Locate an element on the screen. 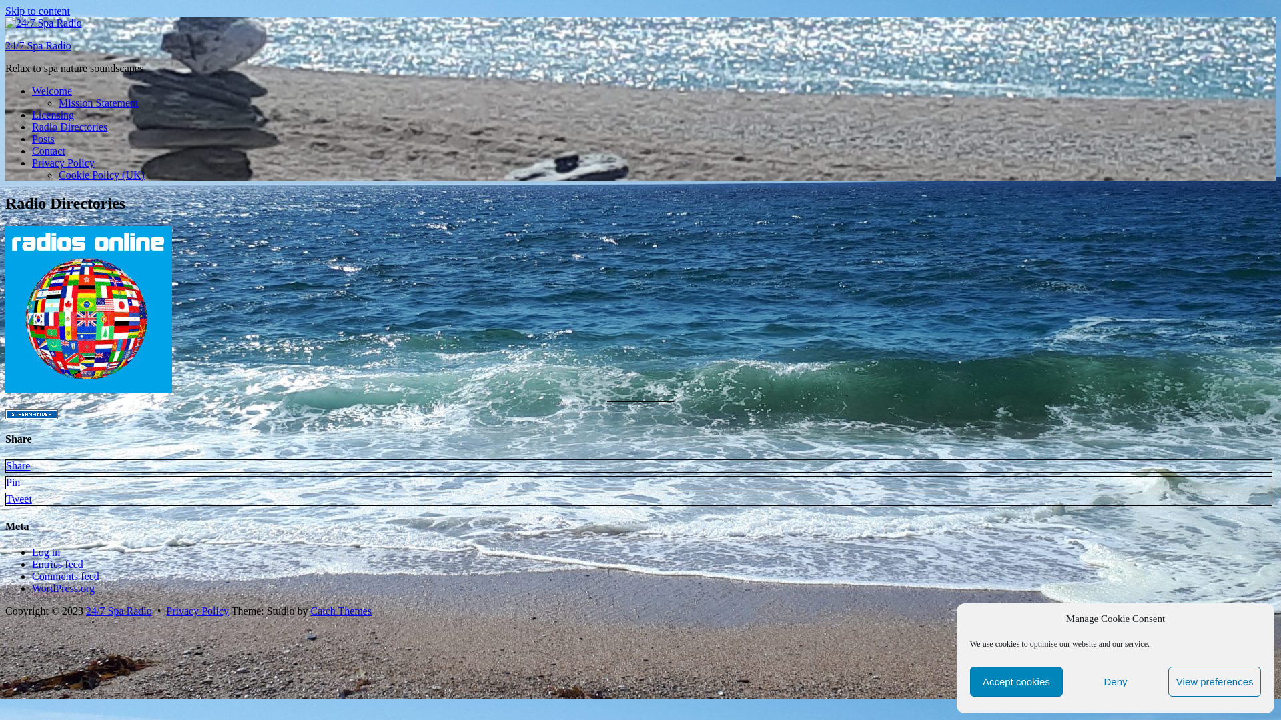 This screenshot has width=1281, height=720. 'streamfinder online radio guide' is located at coordinates (5, 412).